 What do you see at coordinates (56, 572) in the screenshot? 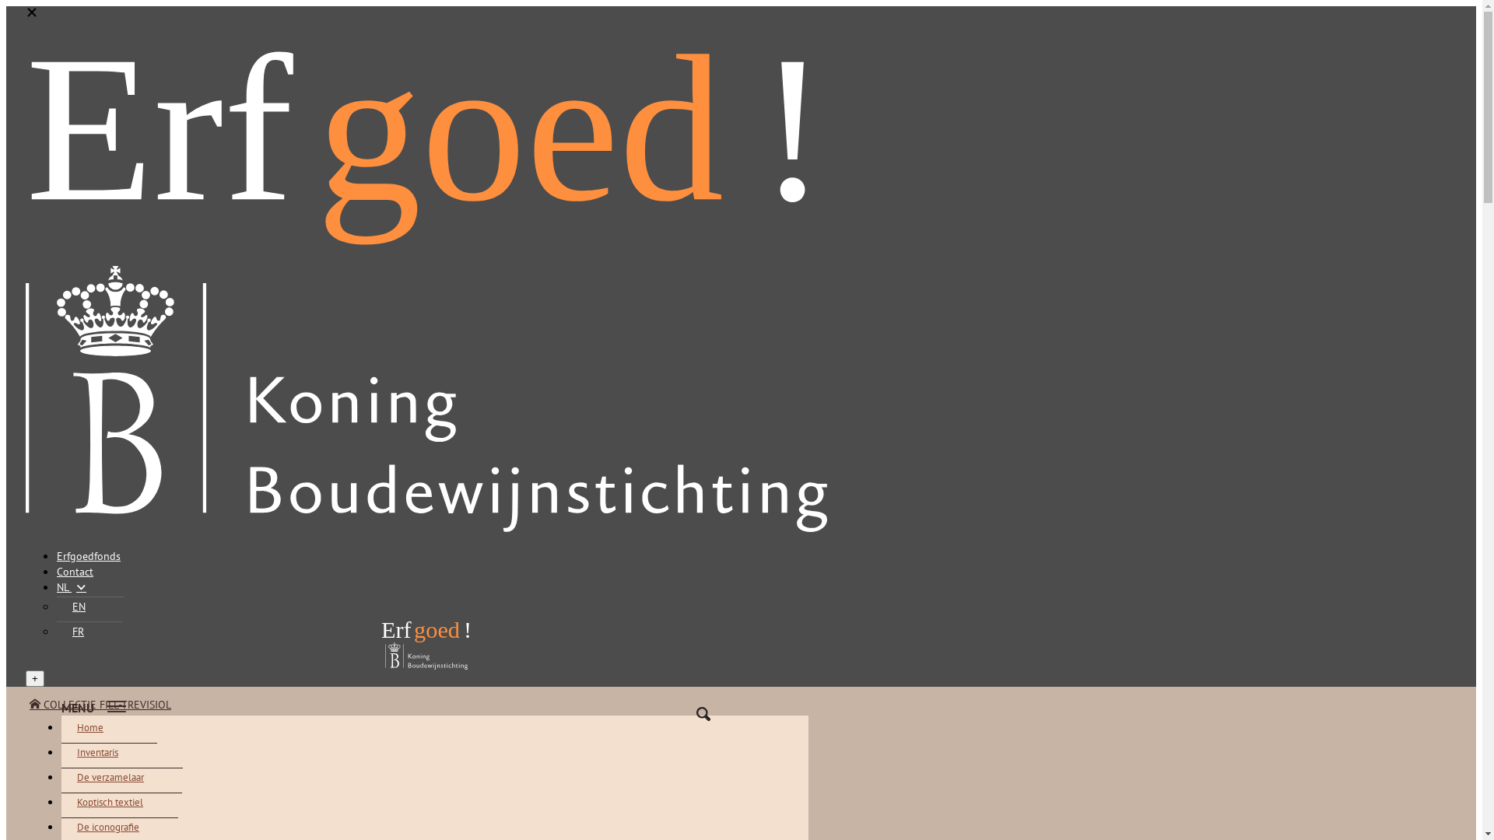
I see `'Contact'` at bounding box center [56, 572].